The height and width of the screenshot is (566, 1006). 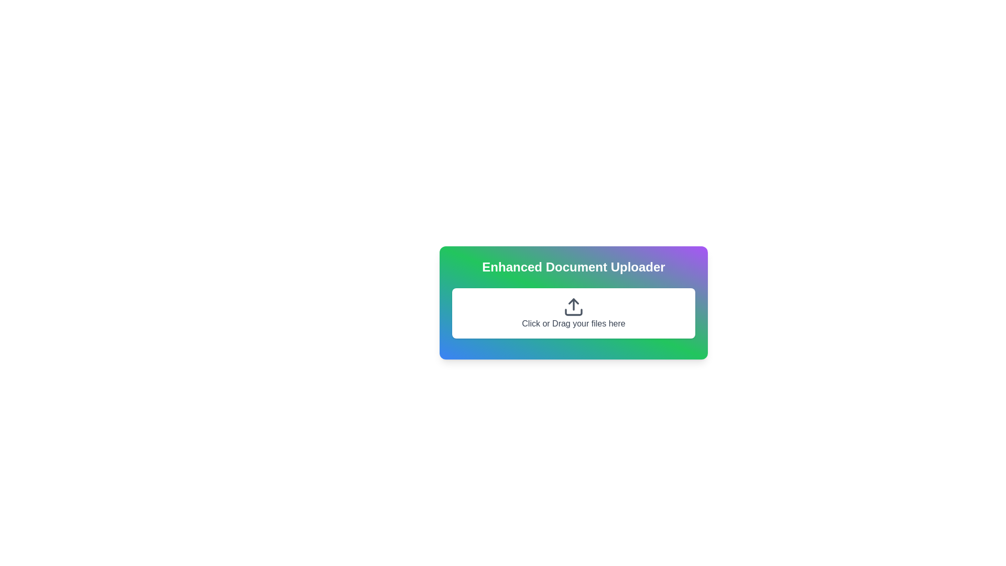 I want to click on the Static Text element that provides user instructions for uploading files, positioned centrally below the upload icon, so click(x=573, y=323).